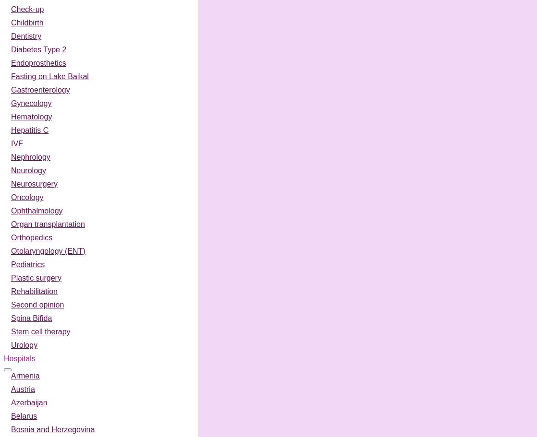 The width and height of the screenshot is (537, 437). I want to click on 'Armenia', so click(25, 376).